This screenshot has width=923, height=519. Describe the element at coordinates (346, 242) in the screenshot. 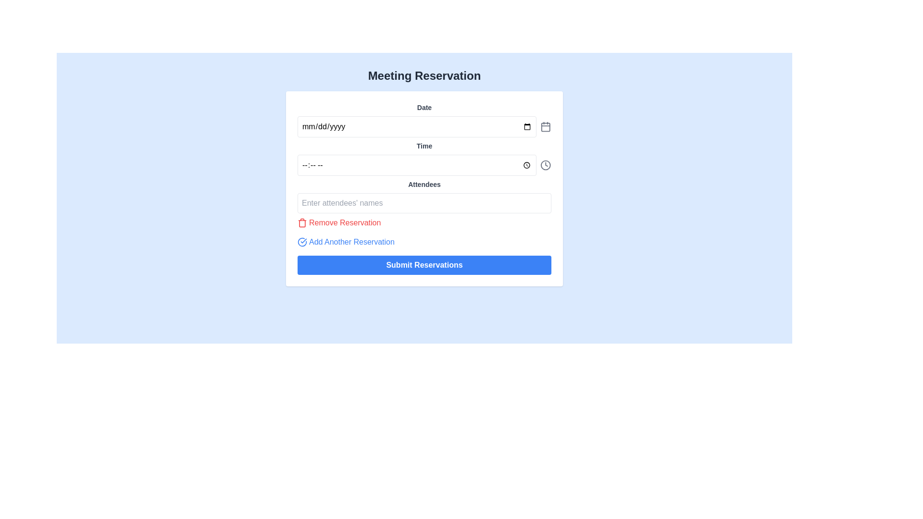

I see `the 'Add Reservation' button located in the 'Meeting Reservation' panel, positioned between the 'Remove Reservation' and 'Submit Reservations' buttons` at that location.